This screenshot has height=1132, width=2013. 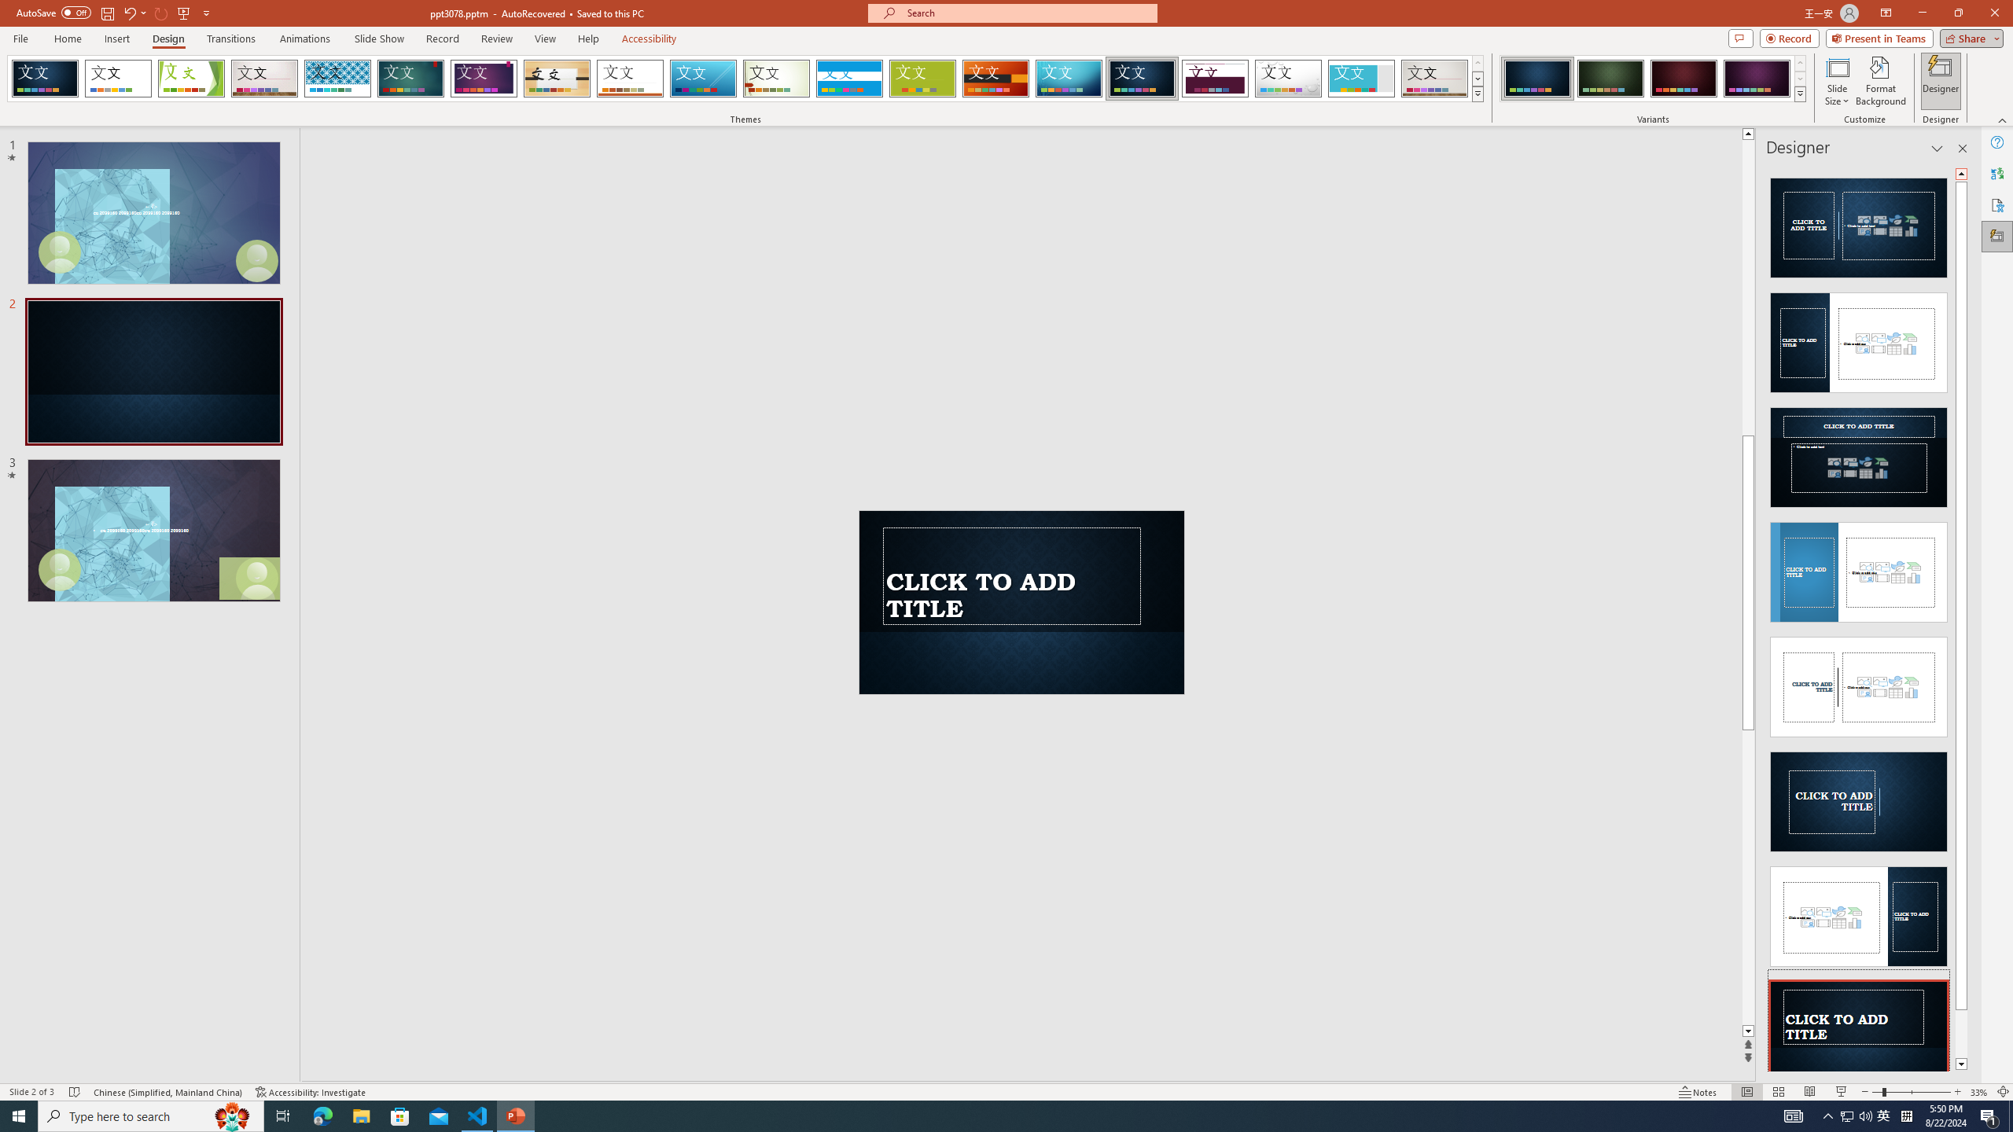 What do you see at coordinates (702, 78) in the screenshot?
I see `'Slice'` at bounding box center [702, 78].